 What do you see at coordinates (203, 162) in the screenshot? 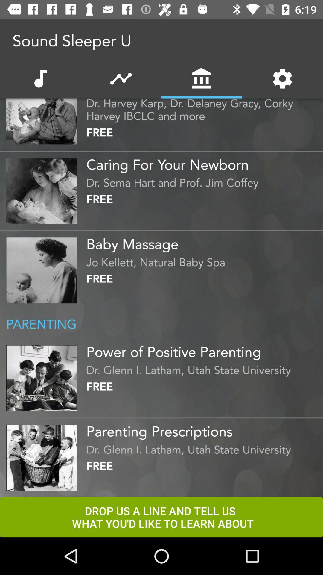
I see `caring for your item` at bounding box center [203, 162].